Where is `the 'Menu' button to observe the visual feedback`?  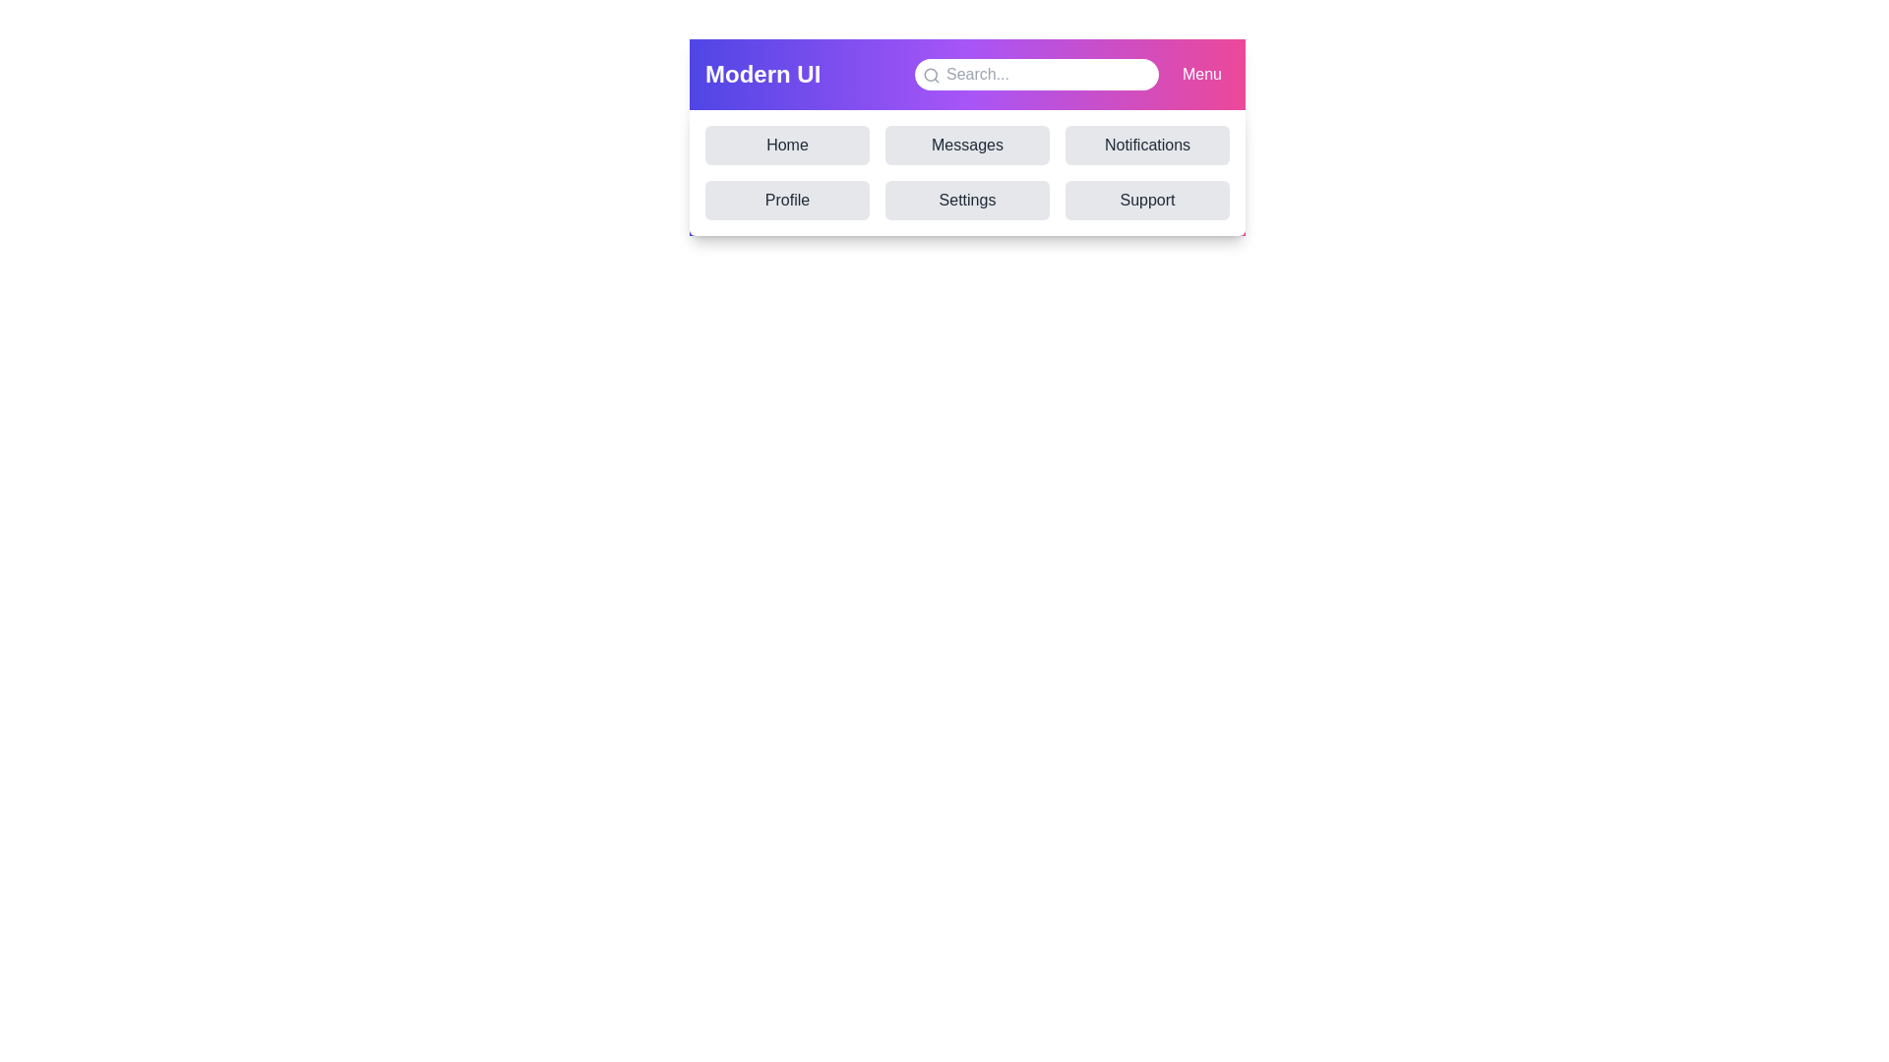
the 'Menu' button to observe the visual feedback is located at coordinates (1200, 74).